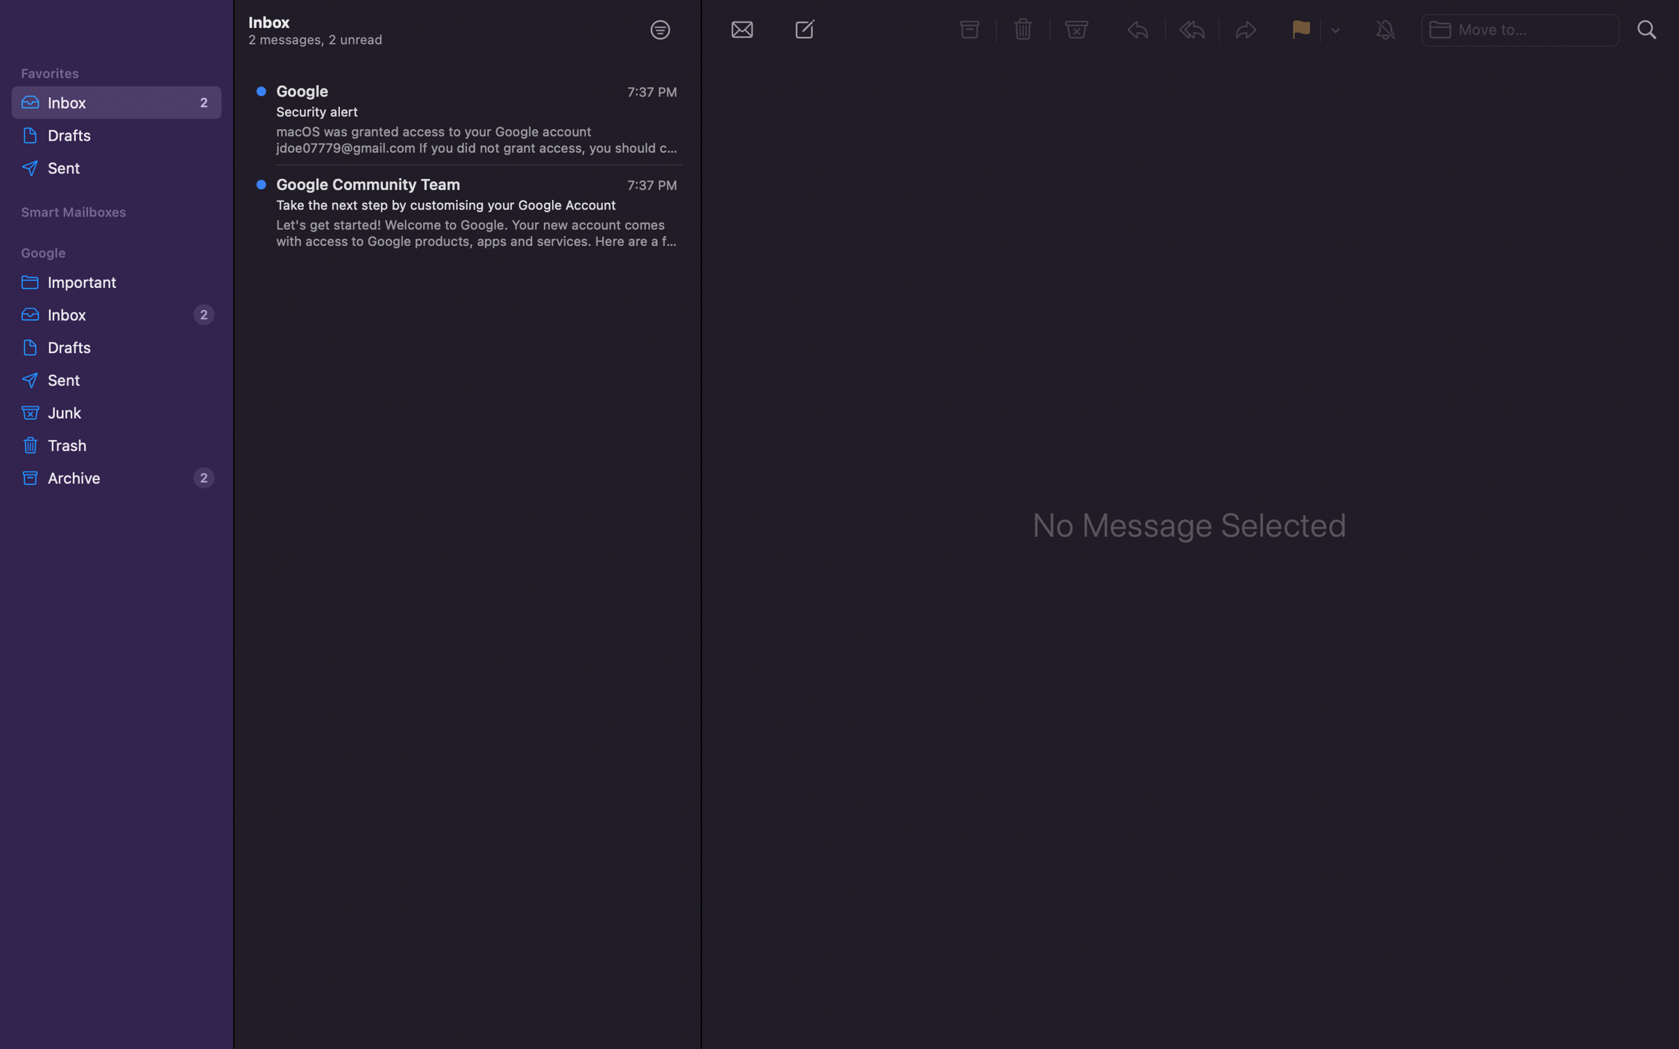 The height and width of the screenshot is (1049, 1679). I want to click on Click the option to compose new message, so click(808, 32).